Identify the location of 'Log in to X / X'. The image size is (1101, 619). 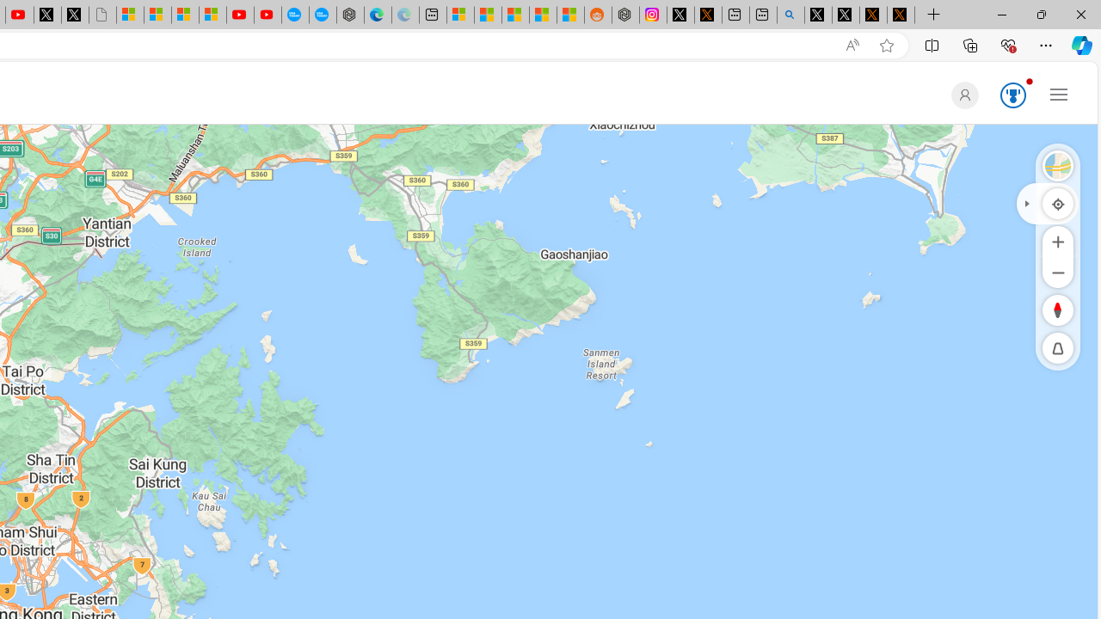
(680, 15).